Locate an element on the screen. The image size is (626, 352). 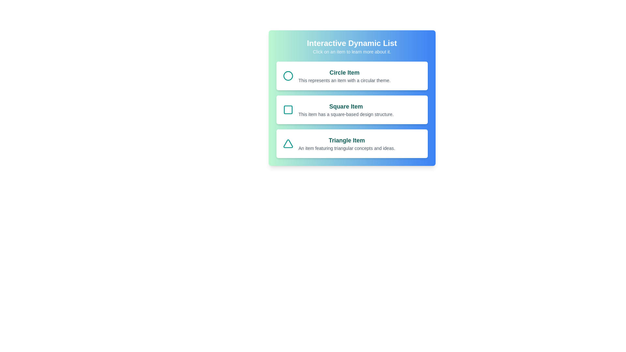
the list item Circle Item to observe changes in its background color is located at coordinates (351, 75).